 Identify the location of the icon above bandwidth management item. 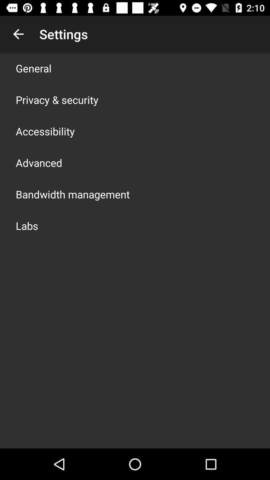
(38, 163).